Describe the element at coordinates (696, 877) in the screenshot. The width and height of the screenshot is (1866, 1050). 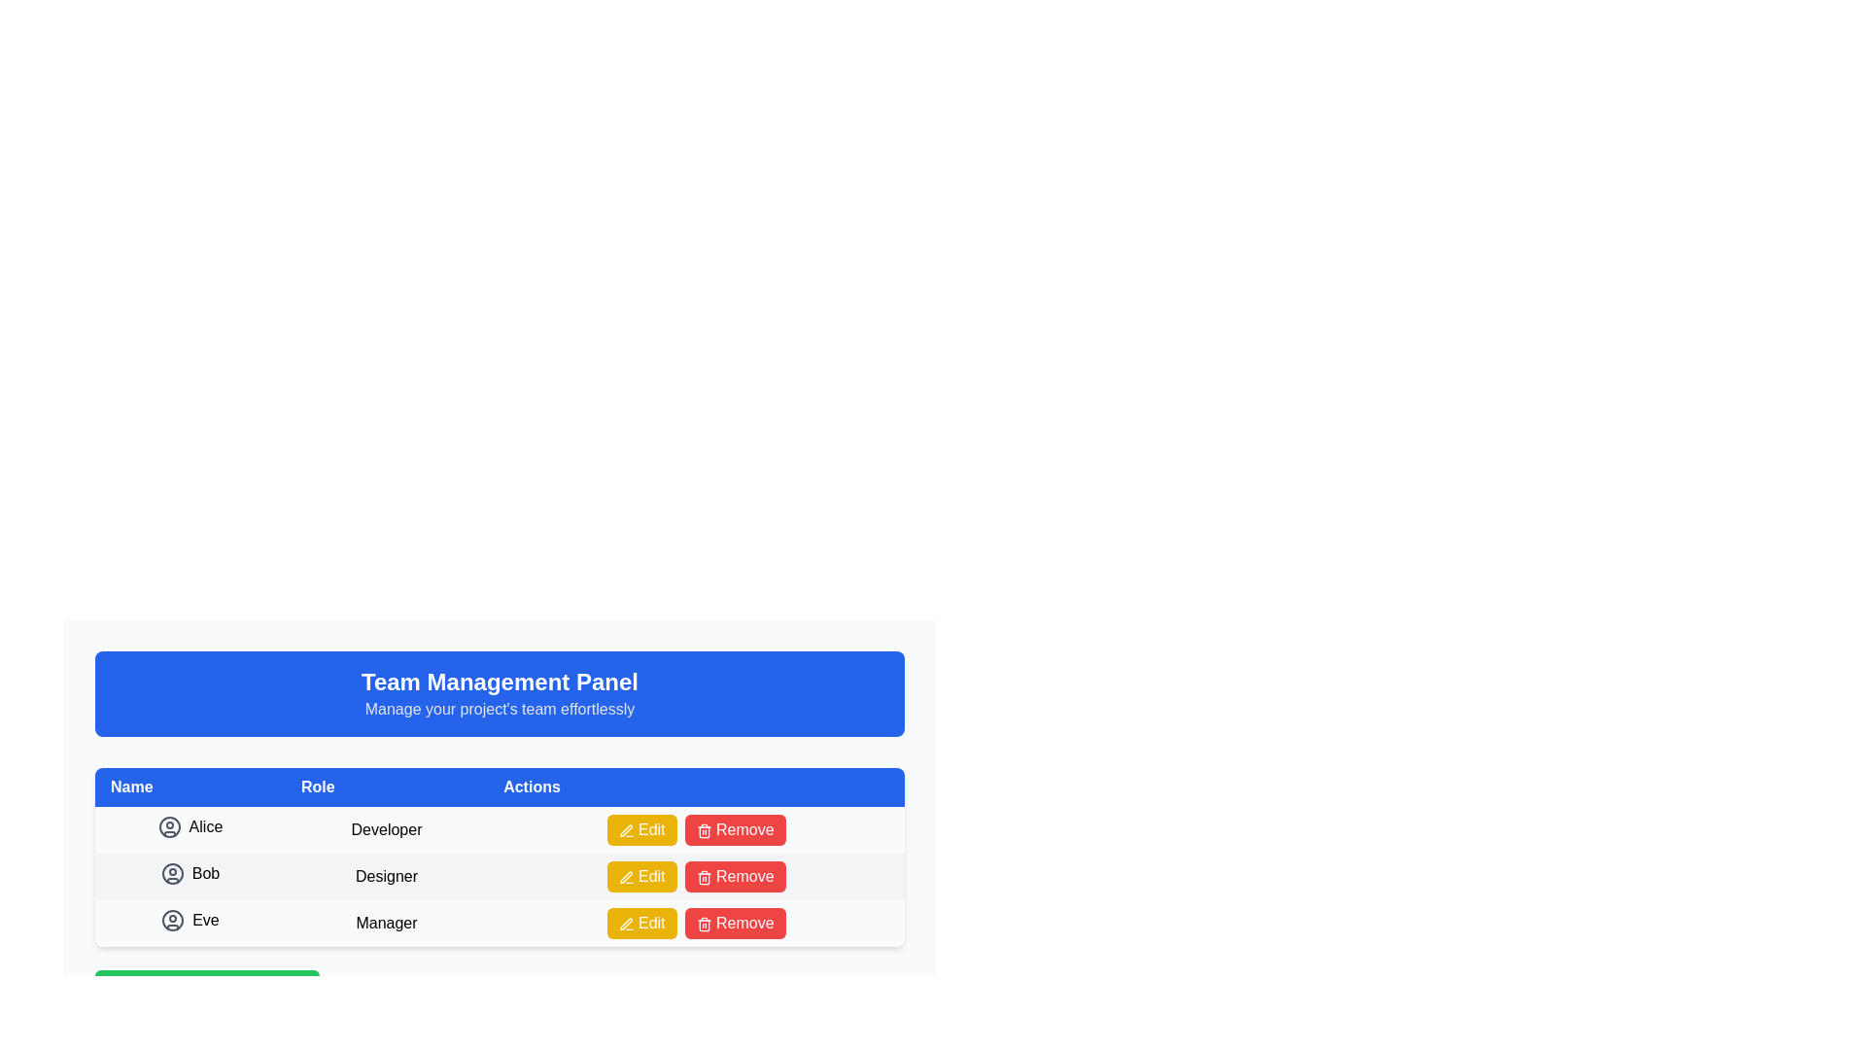
I see `the 'Remove' button in the grouped component for 'Bob' under the 'Designer' role located in the 'Actions' column of the table` at that location.